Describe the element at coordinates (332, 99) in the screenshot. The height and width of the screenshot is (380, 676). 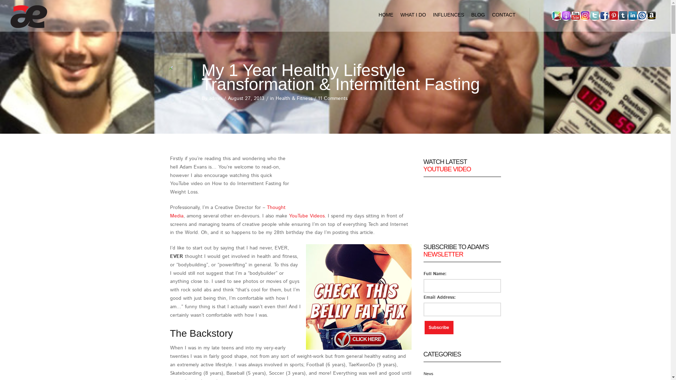
I see `'11 Comments'` at that location.